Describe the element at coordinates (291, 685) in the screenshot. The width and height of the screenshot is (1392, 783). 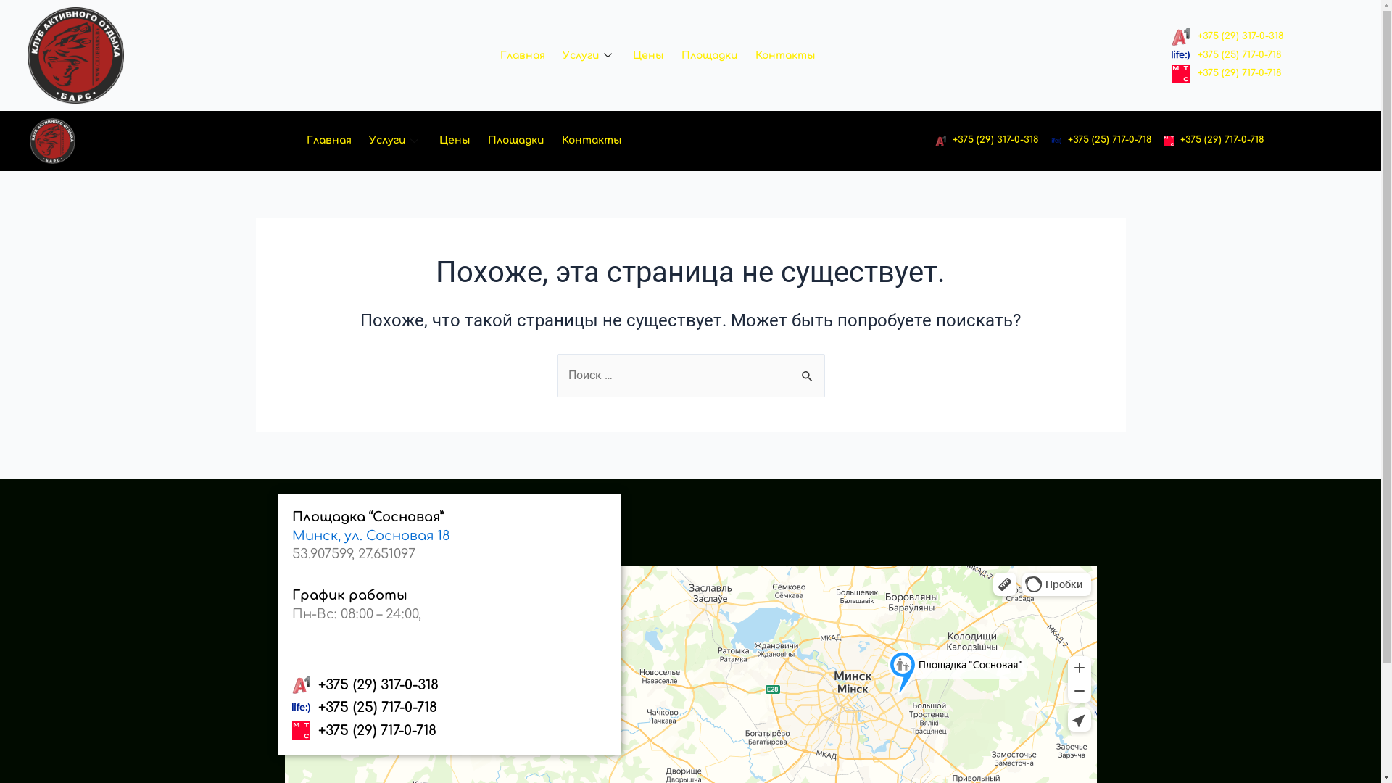
I see `'+375 (29) 317-0-318'` at that location.